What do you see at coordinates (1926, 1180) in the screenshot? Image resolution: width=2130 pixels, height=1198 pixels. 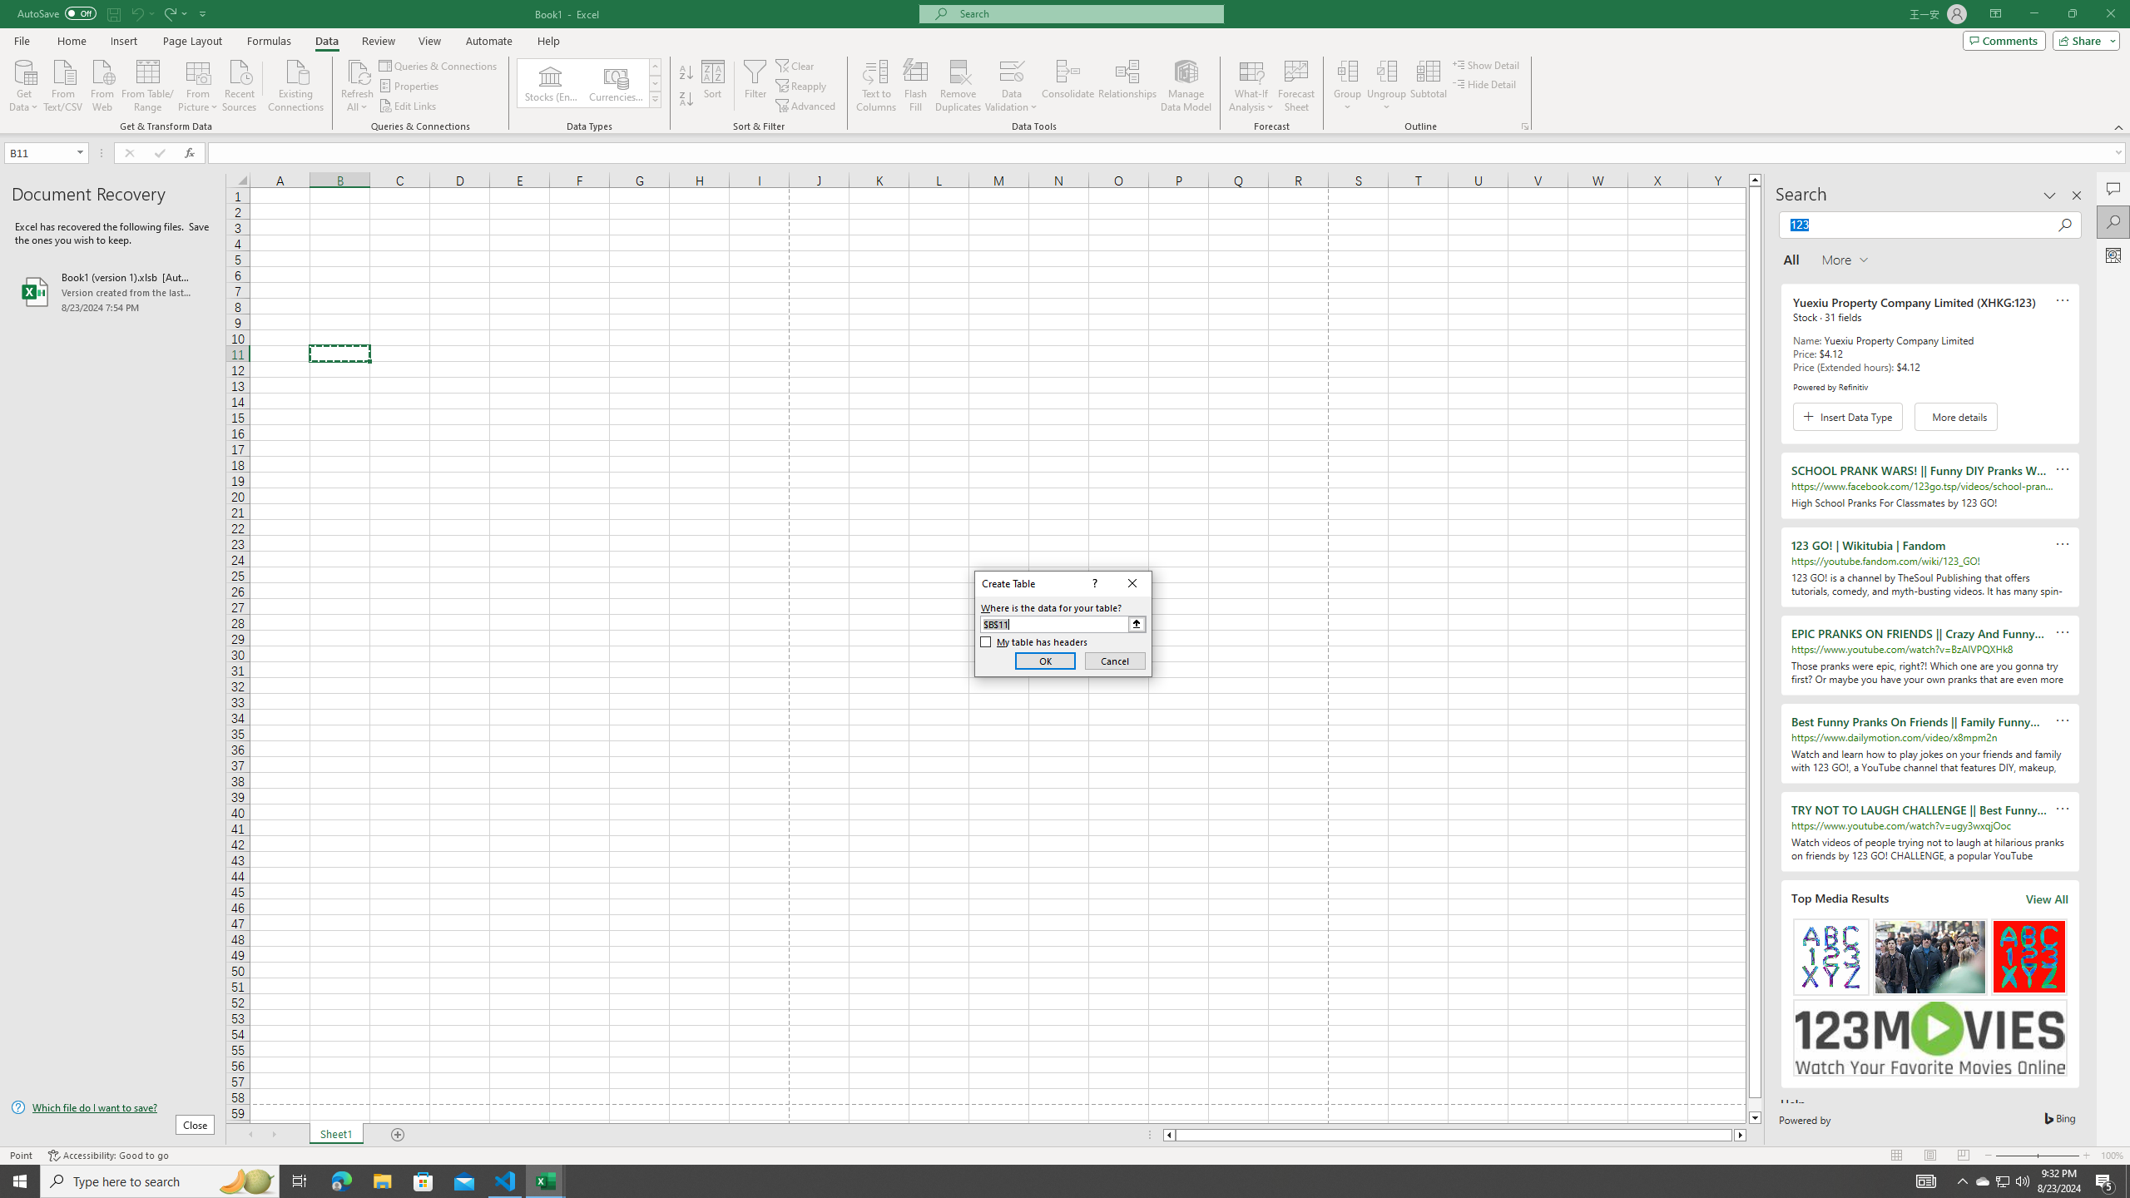 I see `'AutomationID: 4105'` at bounding box center [1926, 1180].